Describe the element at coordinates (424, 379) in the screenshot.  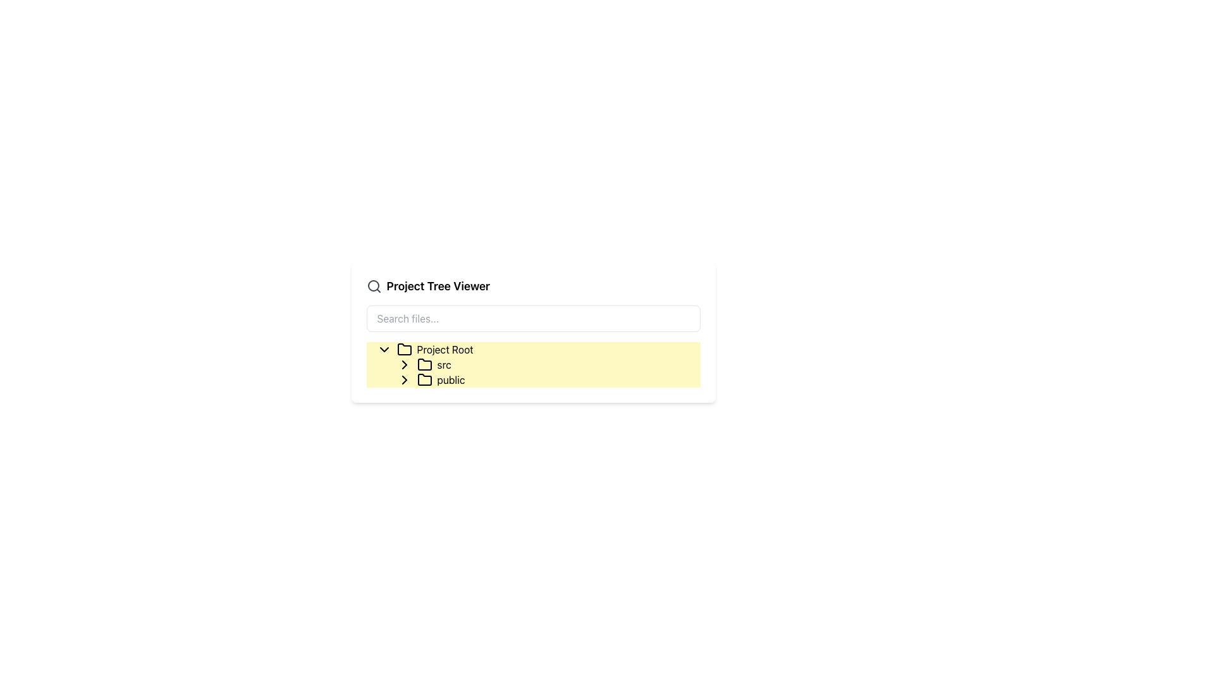
I see `the folder icon representing the 'public' directory in the project tree viewer interface` at that location.